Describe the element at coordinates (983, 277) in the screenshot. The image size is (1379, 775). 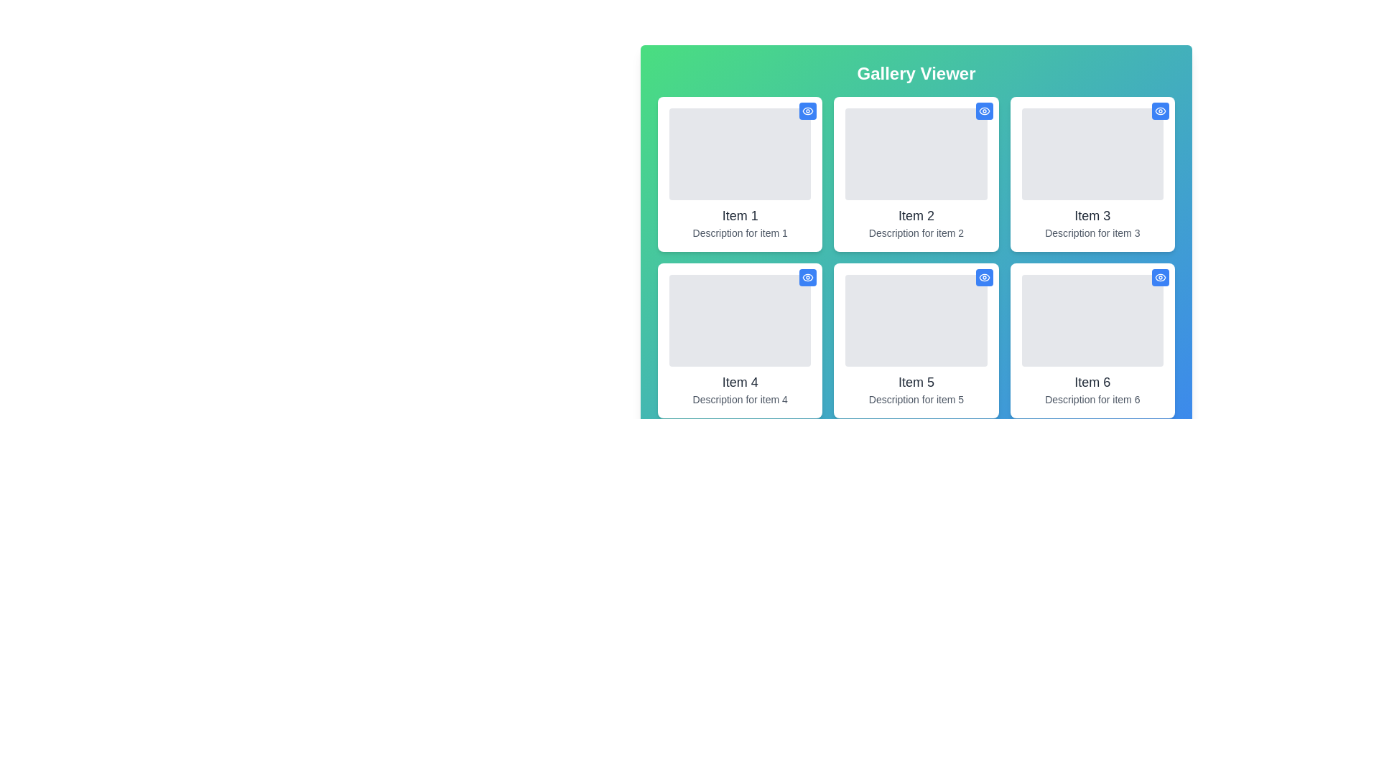
I see `the small rounded blue button with a white eye icon in the top-right corner of the card for 'Item 5'` at that location.